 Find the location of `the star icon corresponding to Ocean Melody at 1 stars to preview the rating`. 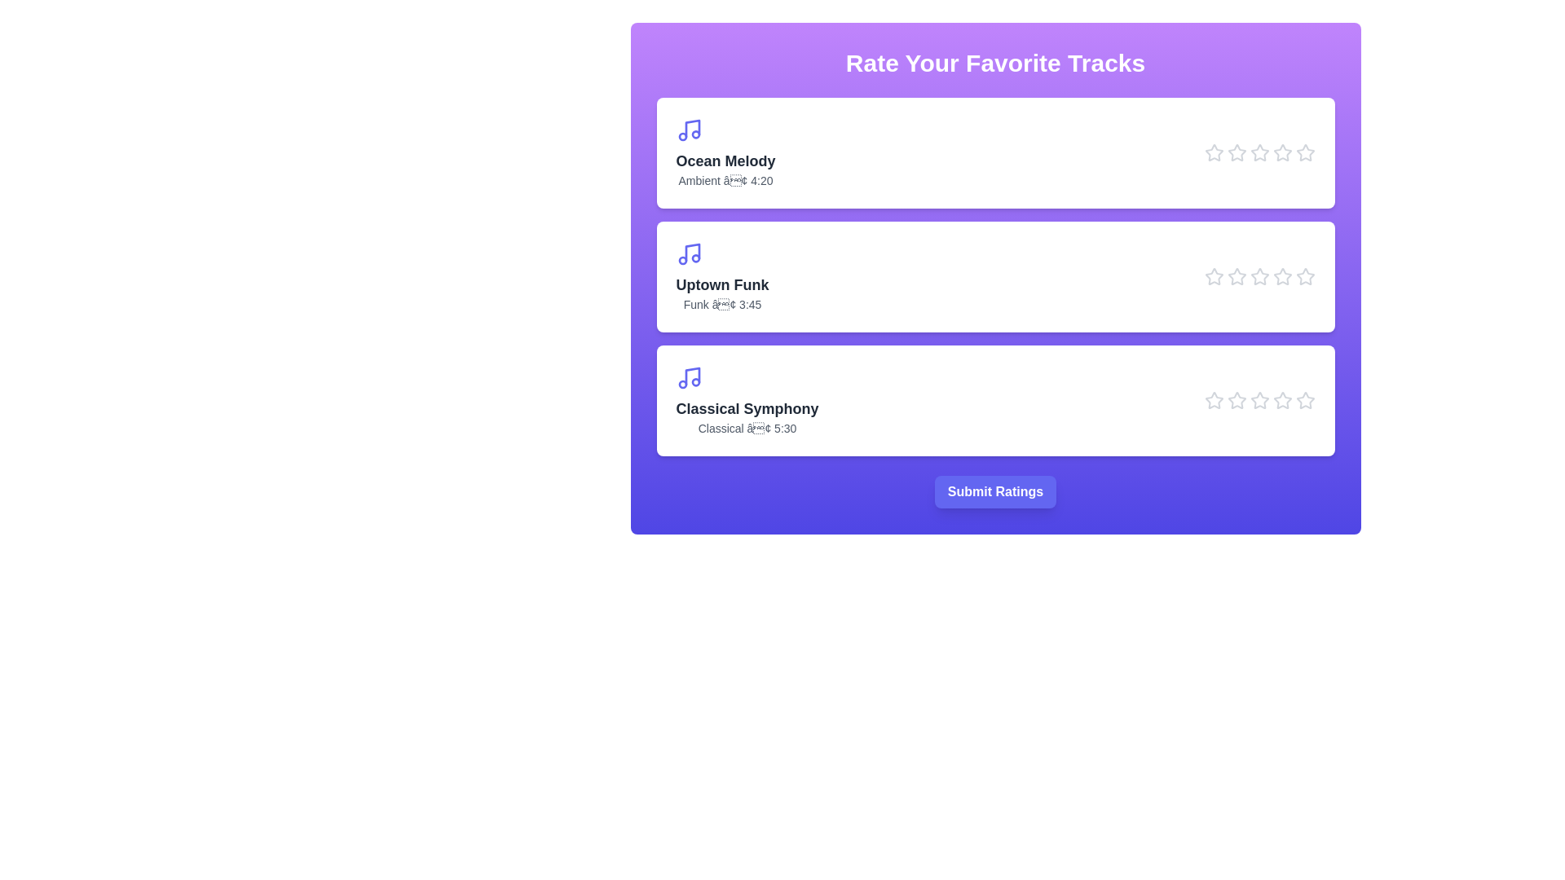

the star icon corresponding to Ocean Melody at 1 stars to preview the rating is located at coordinates (1214, 153).